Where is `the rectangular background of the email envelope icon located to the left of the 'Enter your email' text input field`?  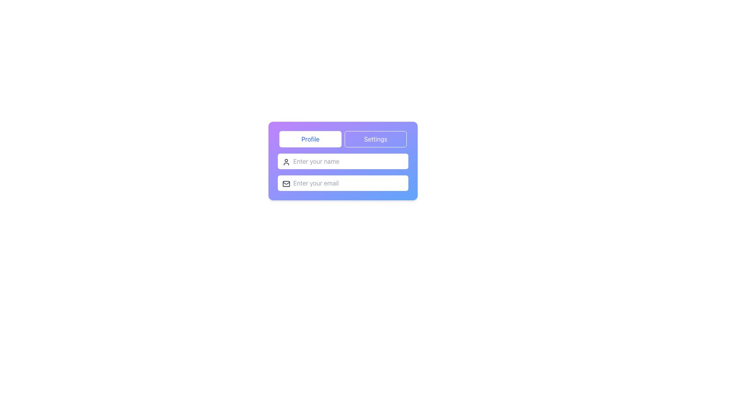 the rectangular background of the email envelope icon located to the left of the 'Enter your email' text input field is located at coordinates (286, 184).